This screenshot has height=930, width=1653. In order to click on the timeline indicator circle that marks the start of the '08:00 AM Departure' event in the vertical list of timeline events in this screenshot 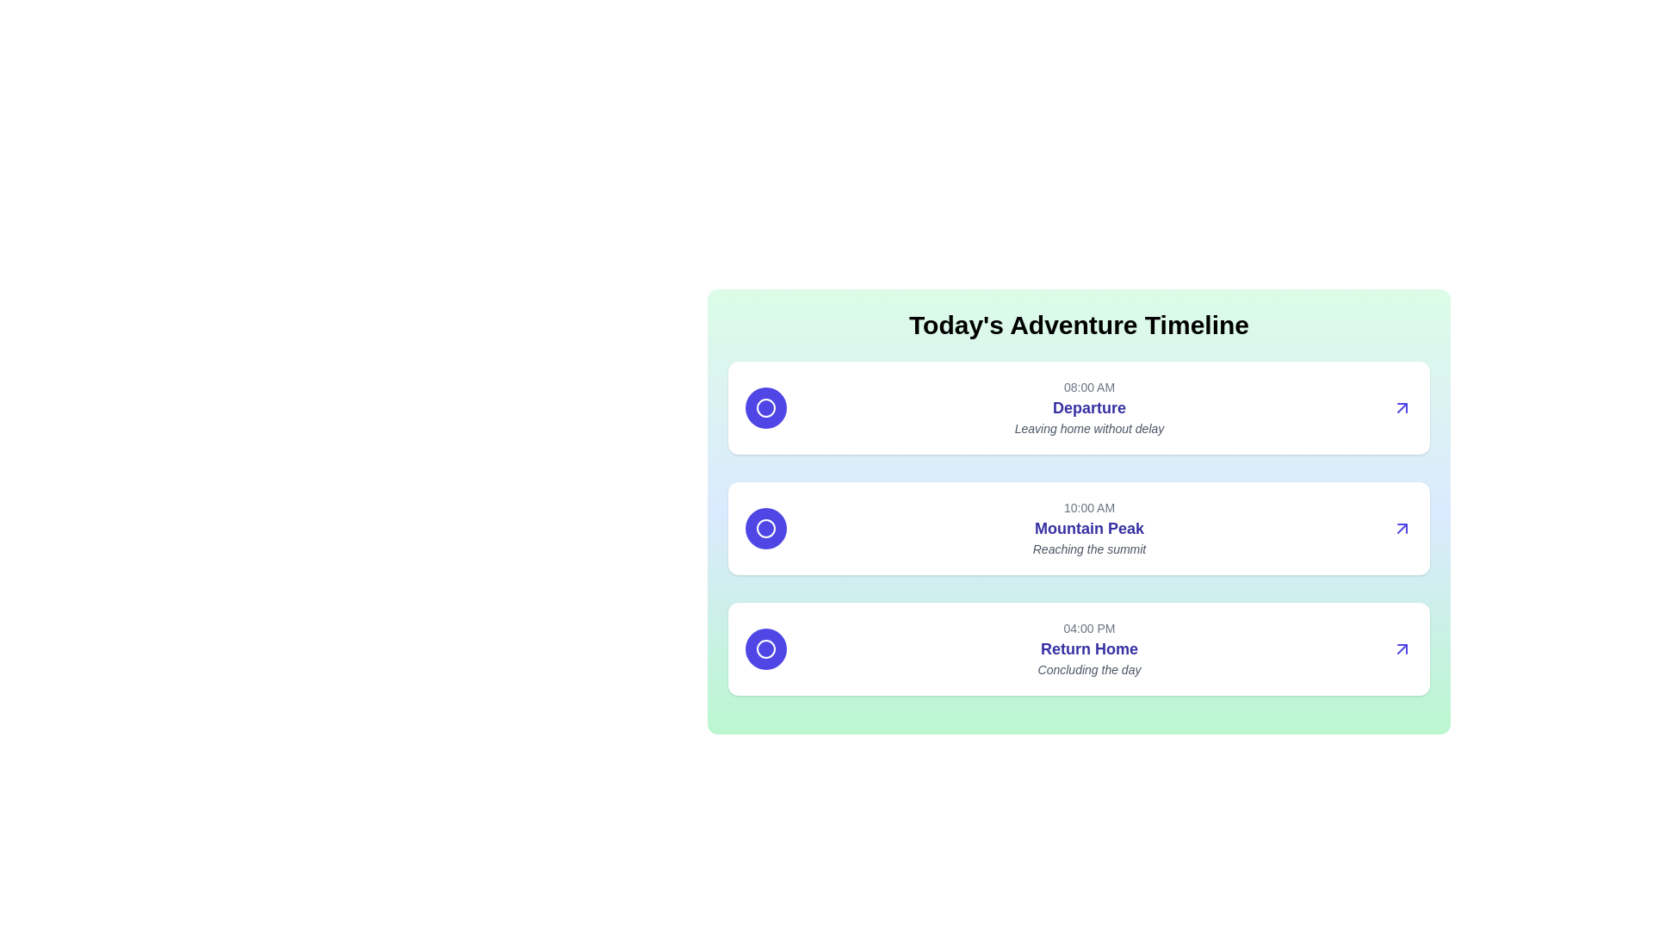, I will do `click(765, 408)`.